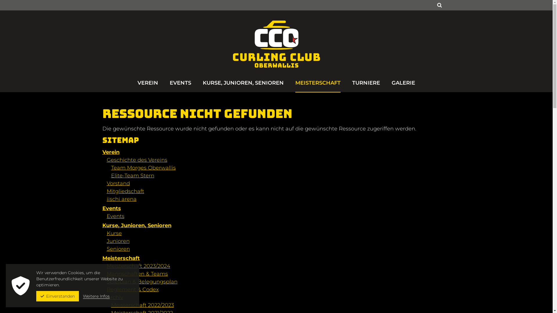 This screenshot has height=313, width=557. I want to click on 'EVENTS', so click(180, 86).